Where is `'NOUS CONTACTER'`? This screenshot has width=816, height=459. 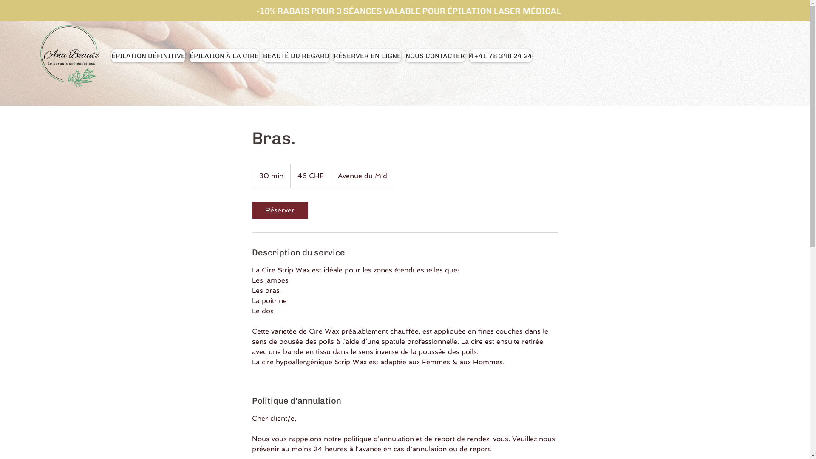
'NOUS CONTACTER' is located at coordinates (435, 56).